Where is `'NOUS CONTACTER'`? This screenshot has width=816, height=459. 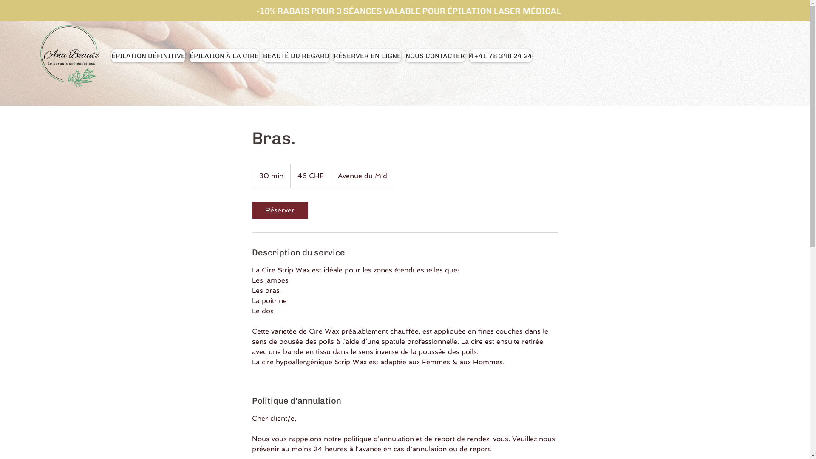
'NOUS CONTACTER' is located at coordinates (435, 56).